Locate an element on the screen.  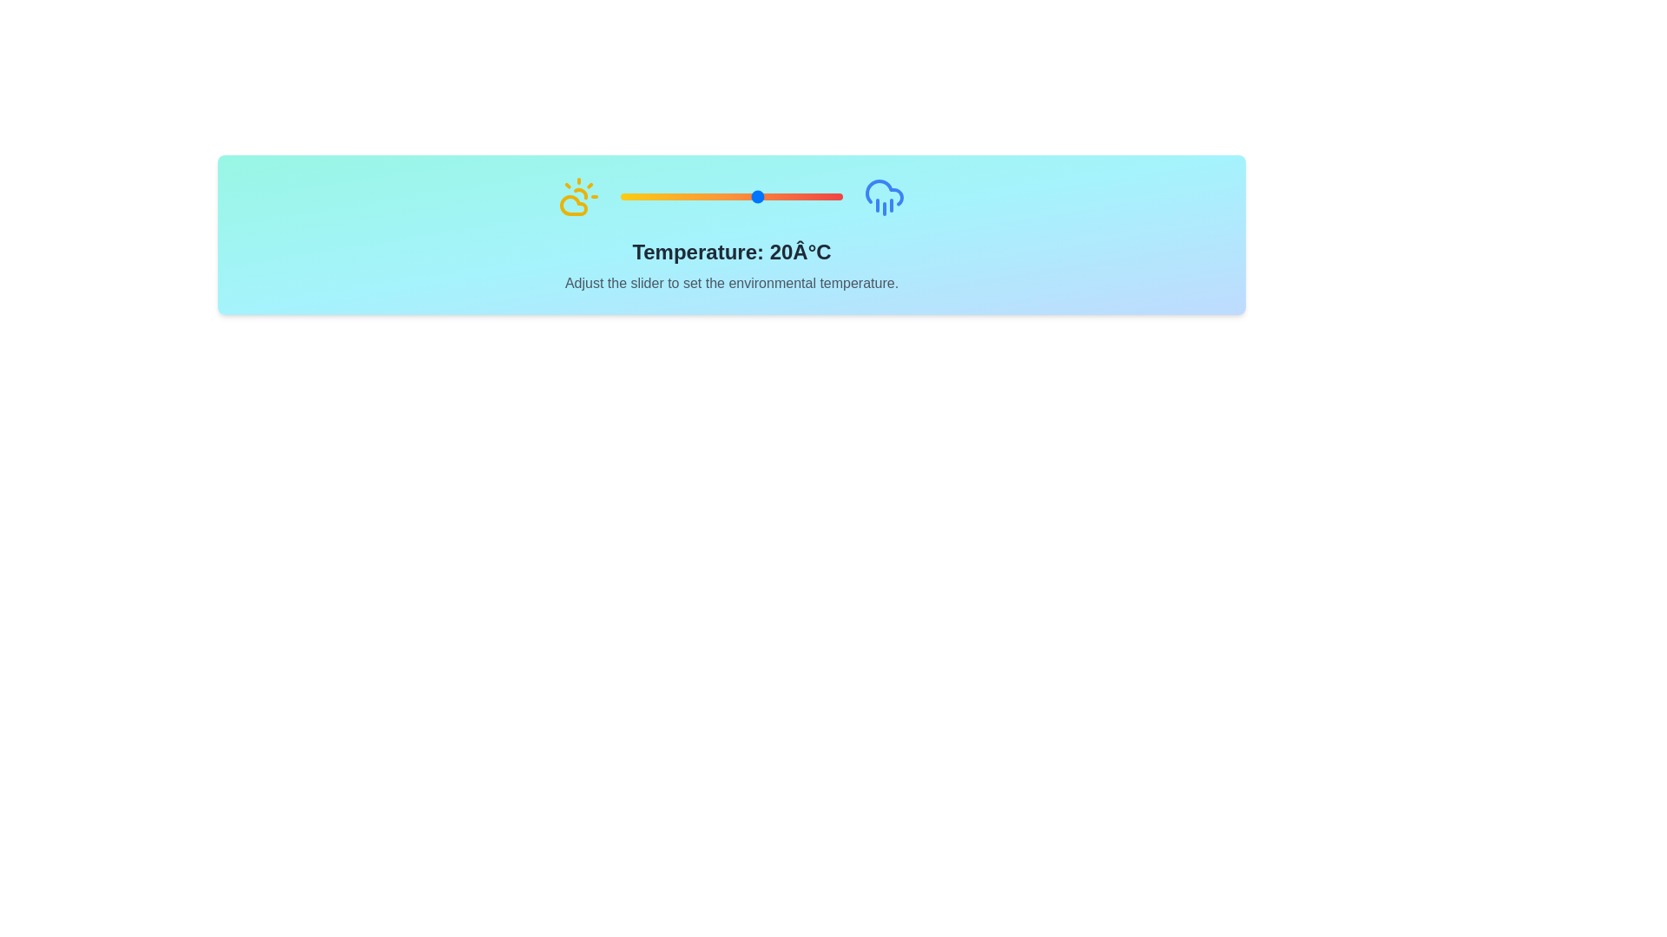
the slider for accessibility interaction is located at coordinates (732, 196).